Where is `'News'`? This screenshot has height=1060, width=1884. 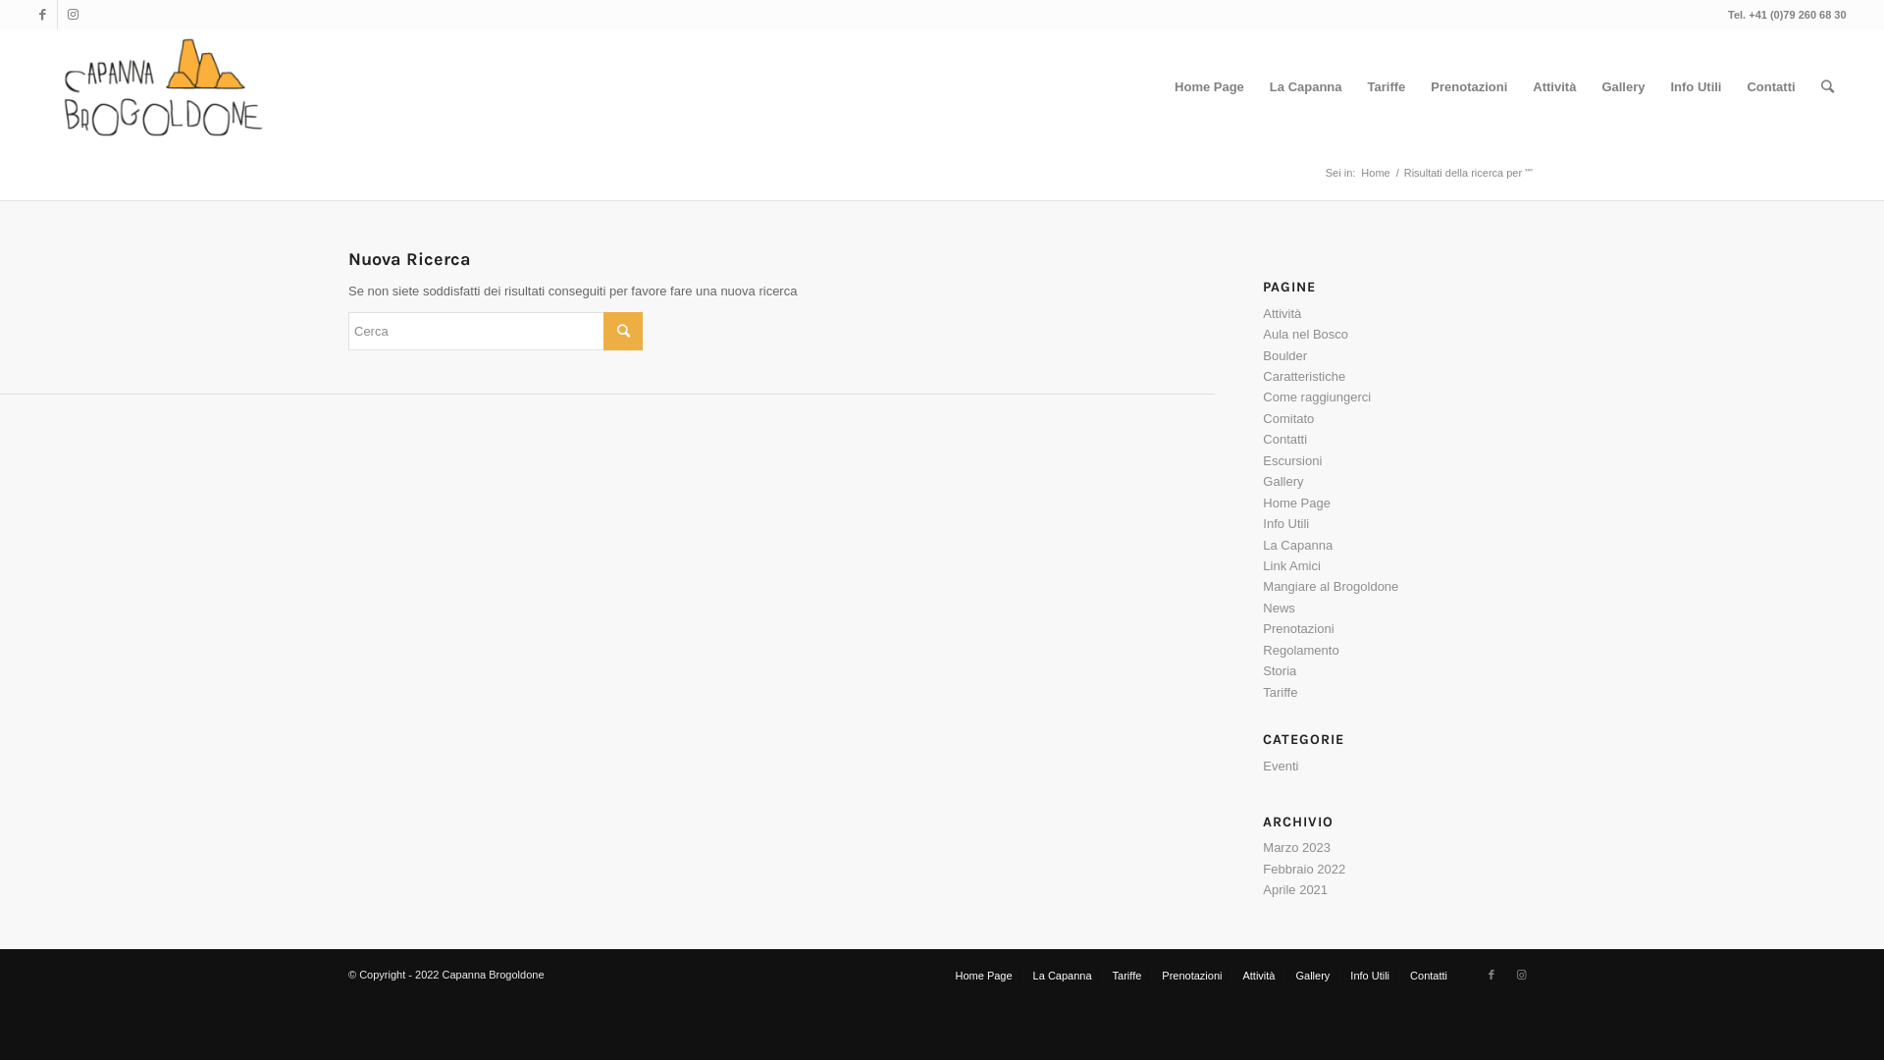
'News' is located at coordinates (1262, 607).